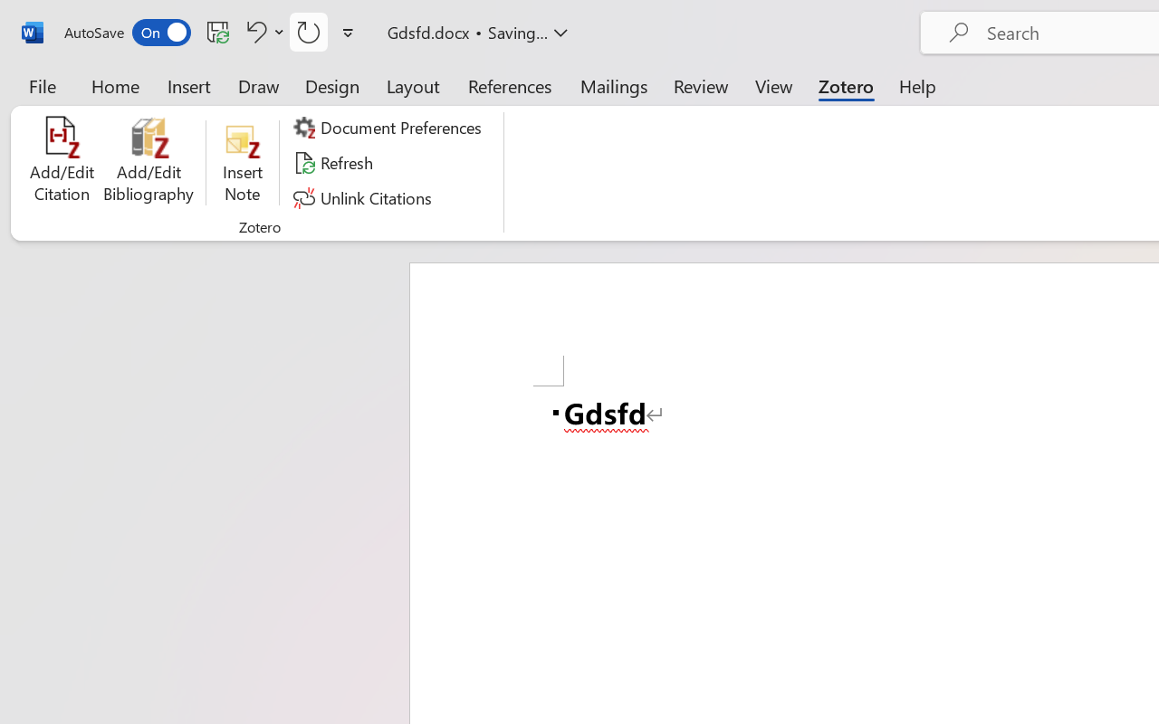 This screenshot has width=1159, height=724. Describe the element at coordinates (242, 162) in the screenshot. I see `'Insert Note'` at that location.